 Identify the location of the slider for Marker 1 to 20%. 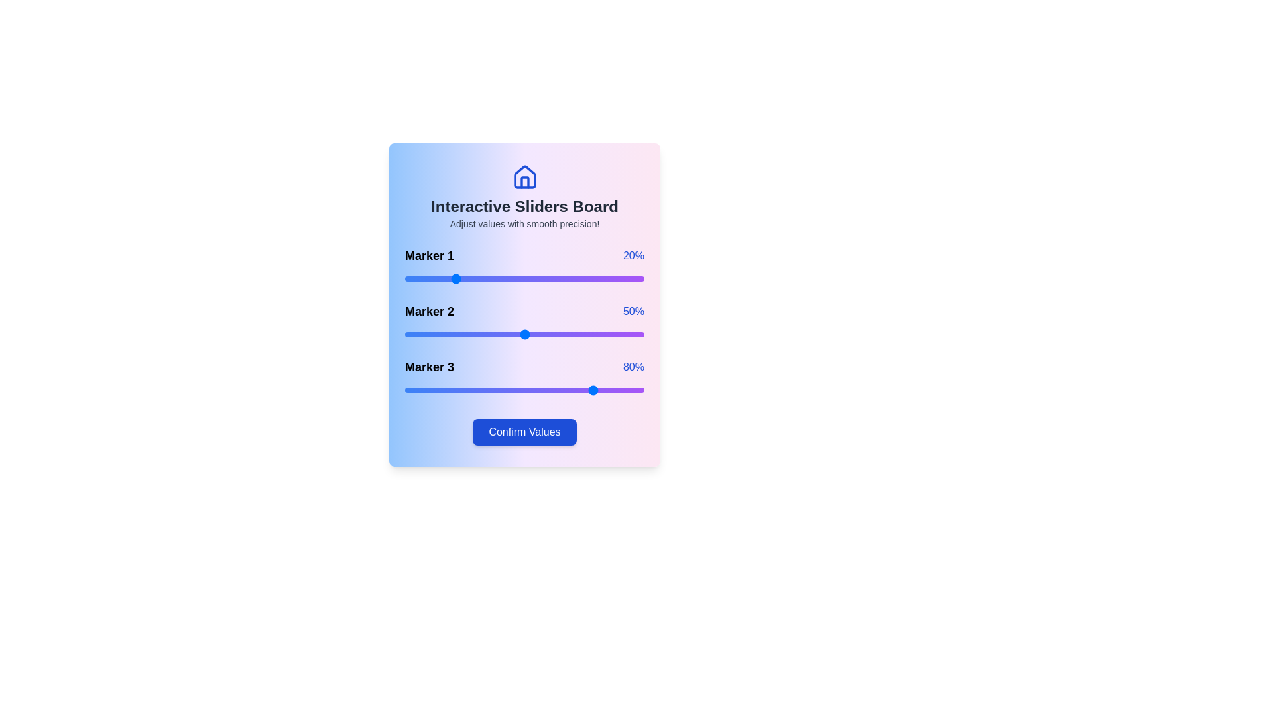
(453, 278).